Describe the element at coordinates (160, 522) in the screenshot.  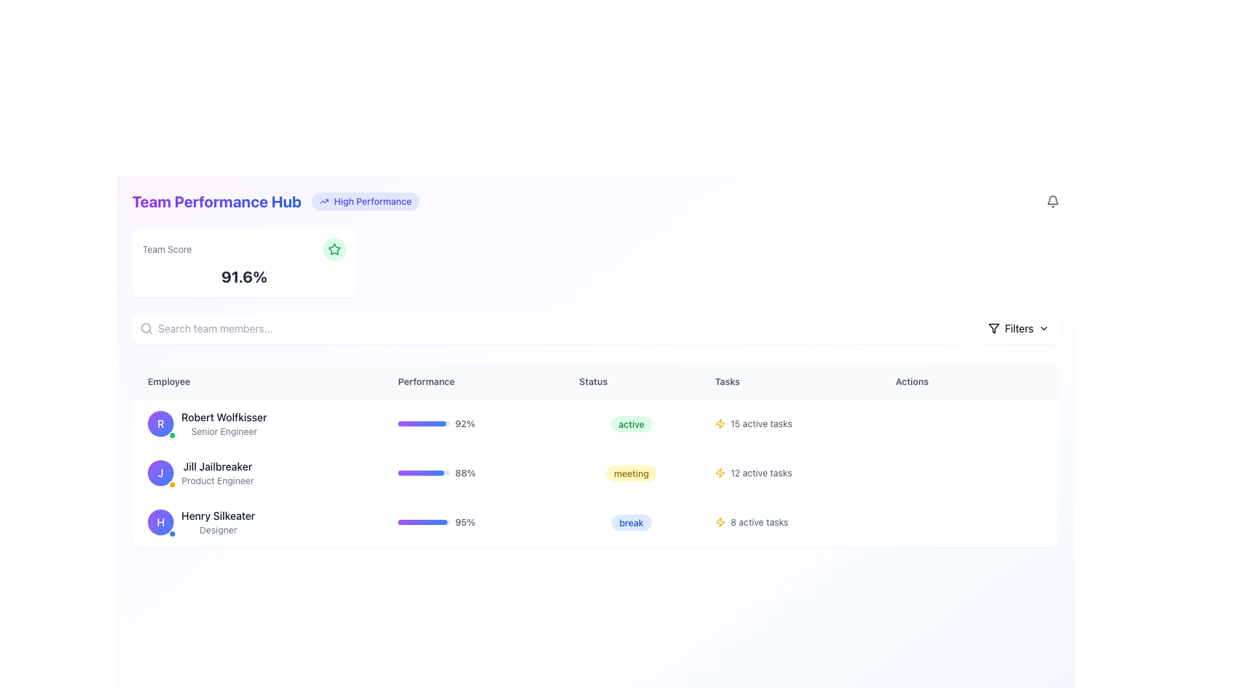
I see `the circular avatar element for 'Henry Silkeater', which has a gradient background from purple to blue and features a white 'H' in the center, located in the Employee section of the data table` at that location.